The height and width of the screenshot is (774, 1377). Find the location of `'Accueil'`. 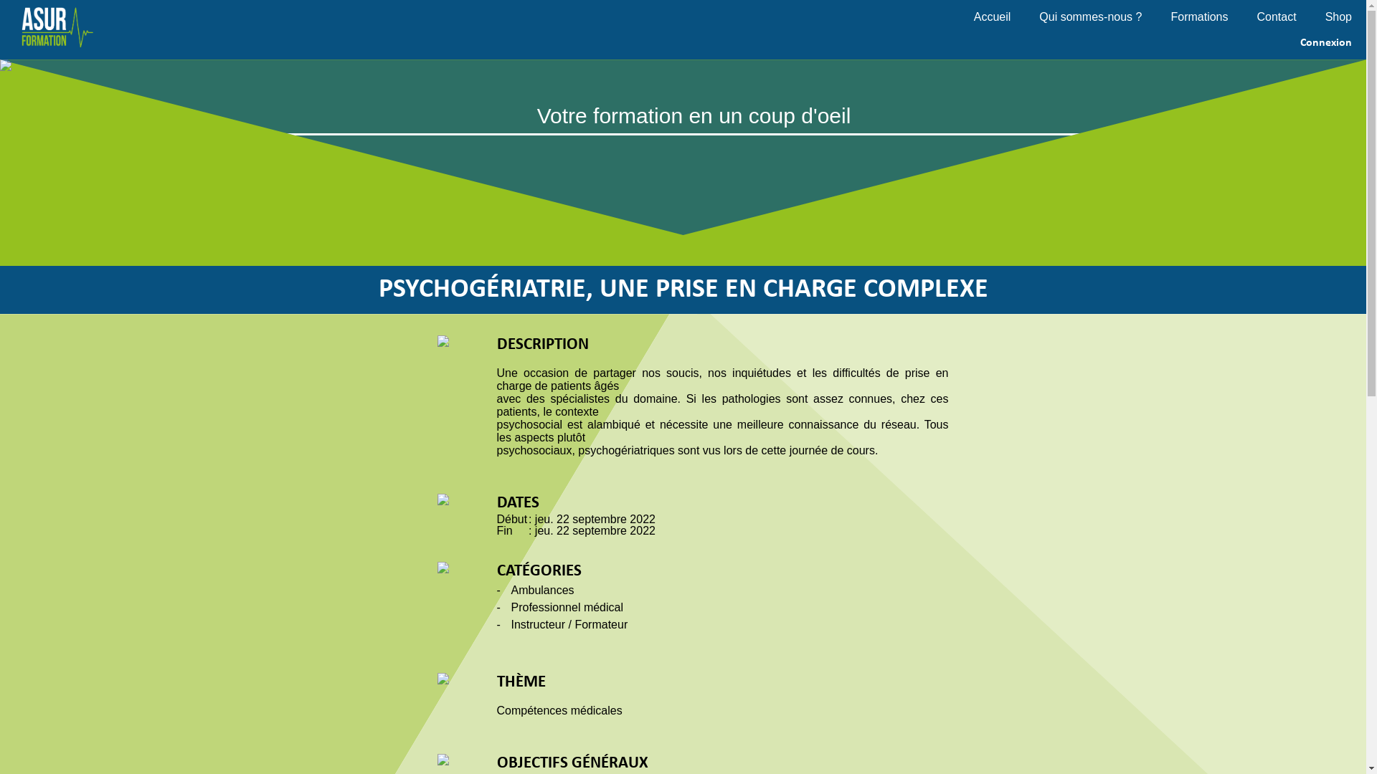

'Accueil' is located at coordinates (1005, 16).